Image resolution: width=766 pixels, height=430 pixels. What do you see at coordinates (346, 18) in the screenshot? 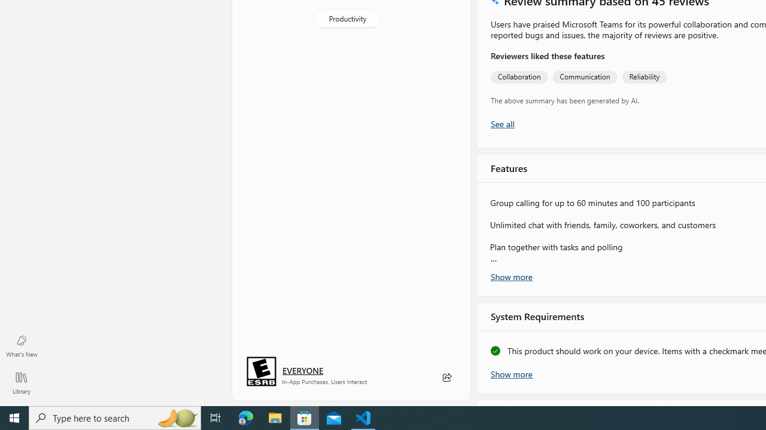
I see `'Productivity'` at bounding box center [346, 18].